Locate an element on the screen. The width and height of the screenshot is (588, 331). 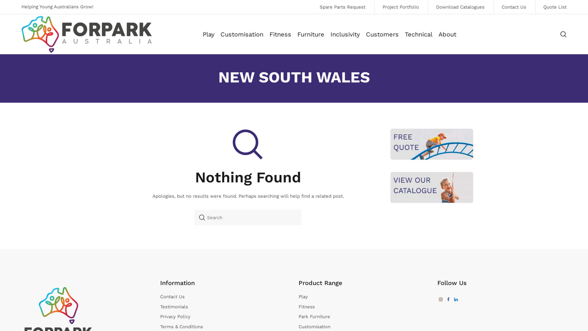
'Privacy Policy' is located at coordinates (175, 317).